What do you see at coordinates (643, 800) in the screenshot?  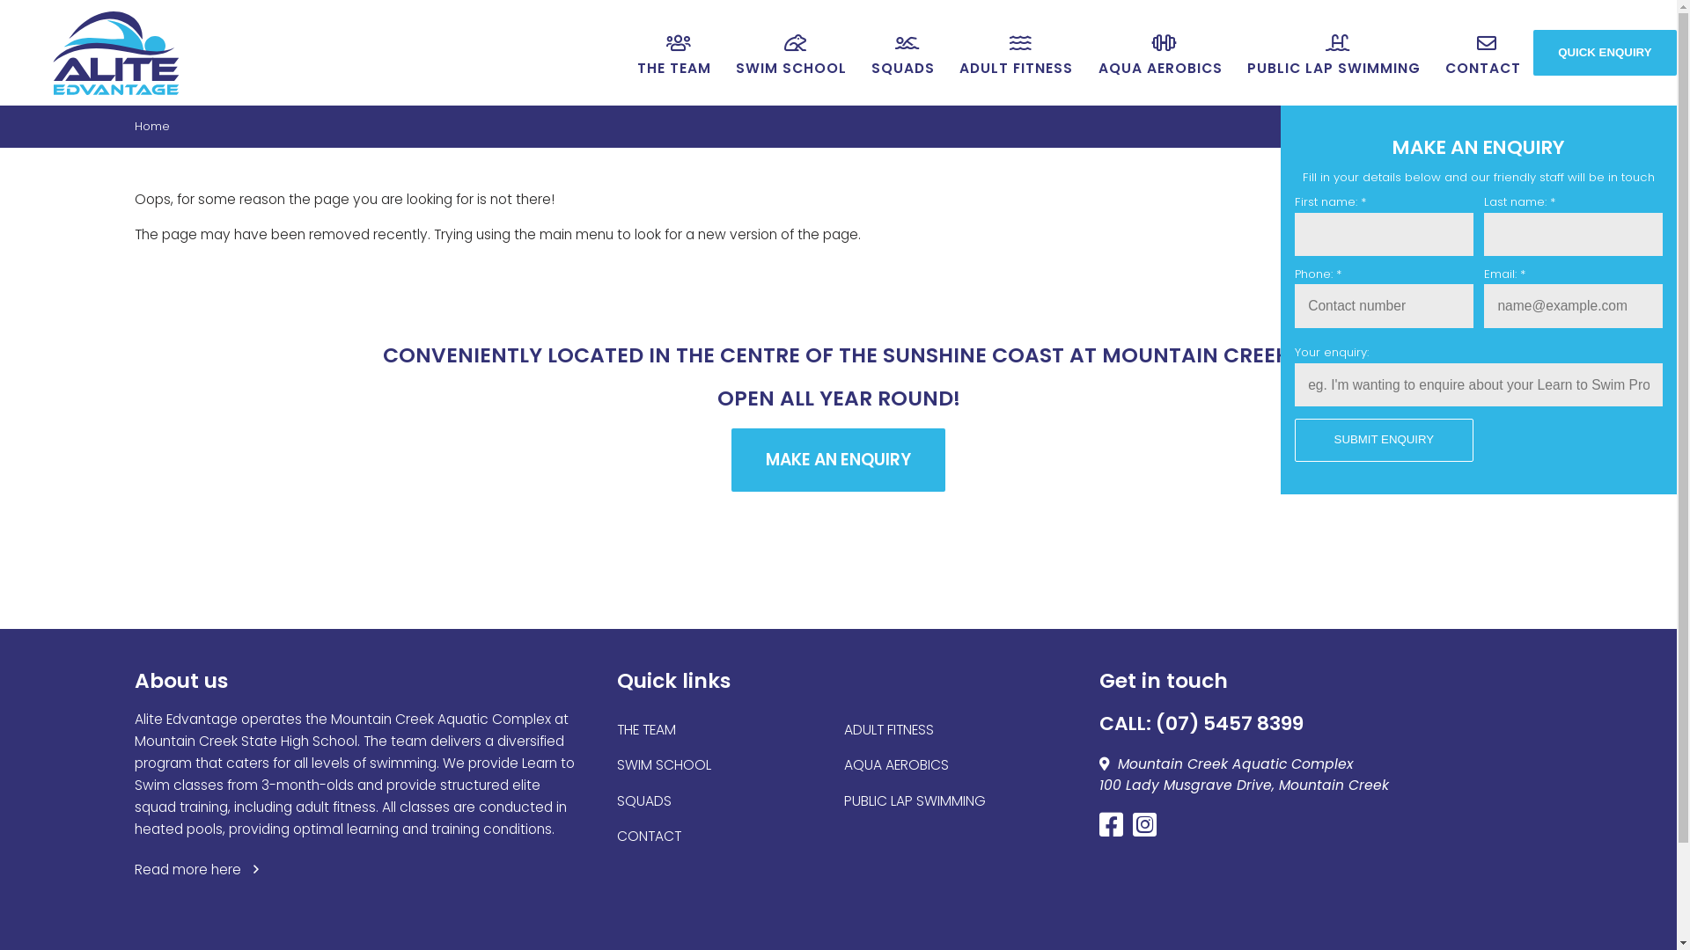 I see `'SQUADS'` at bounding box center [643, 800].